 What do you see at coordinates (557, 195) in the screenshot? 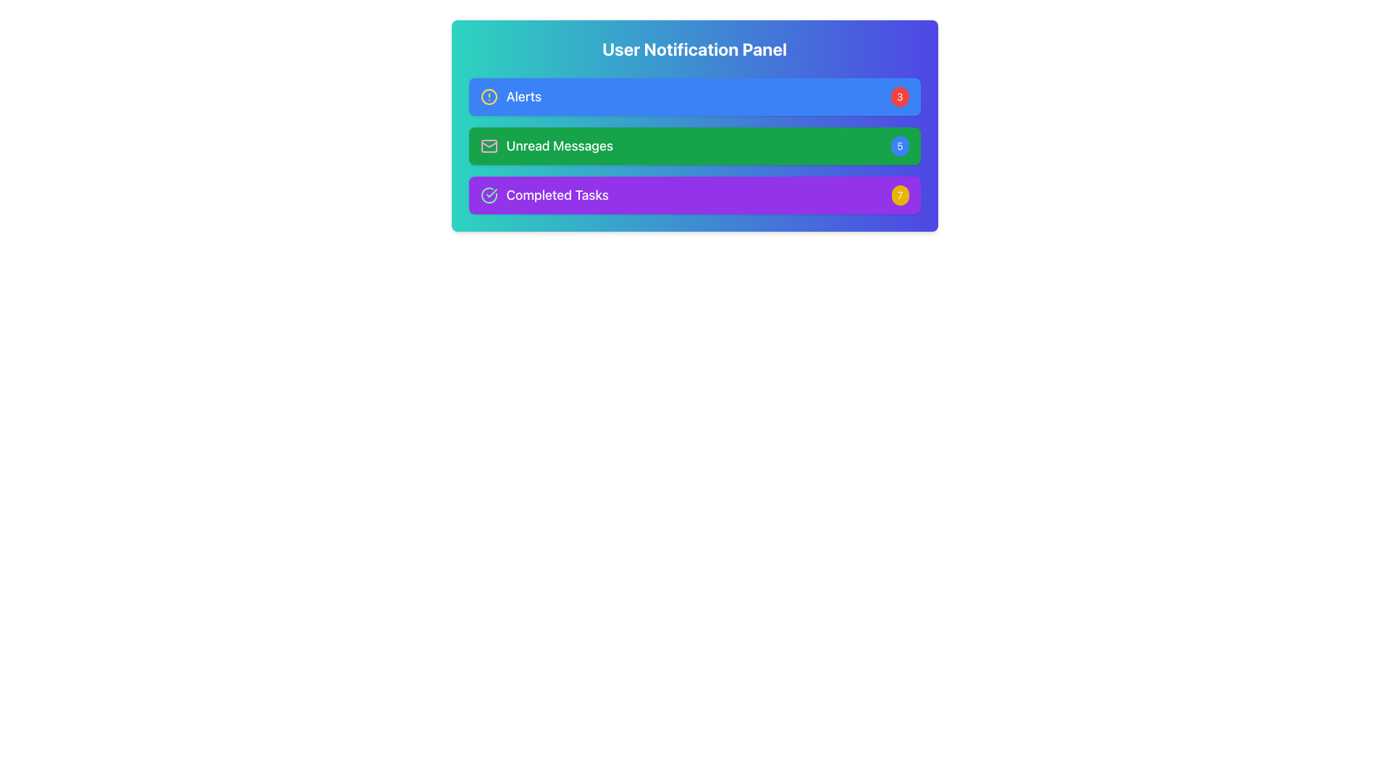
I see `text content of the label that reads 'Completed Tasks', which is positioned against a purple background and aligned to the right of a green checkmark icon` at bounding box center [557, 195].